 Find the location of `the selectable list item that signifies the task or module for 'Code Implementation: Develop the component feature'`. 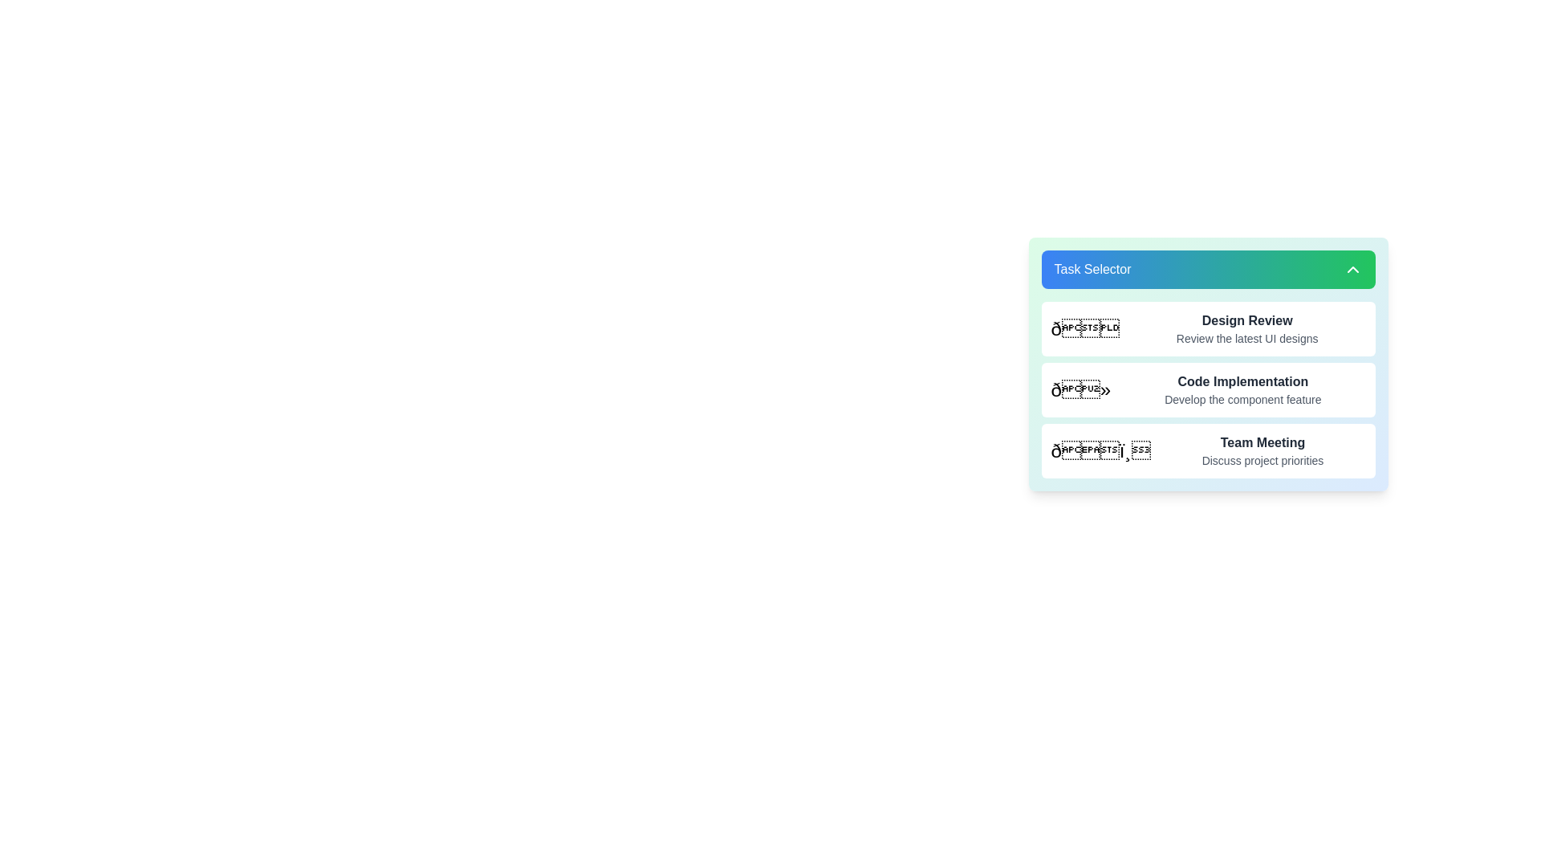

the selectable list item that signifies the task or module for 'Code Implementation: Develop the component feature' is located at coordinates (1208, 390).